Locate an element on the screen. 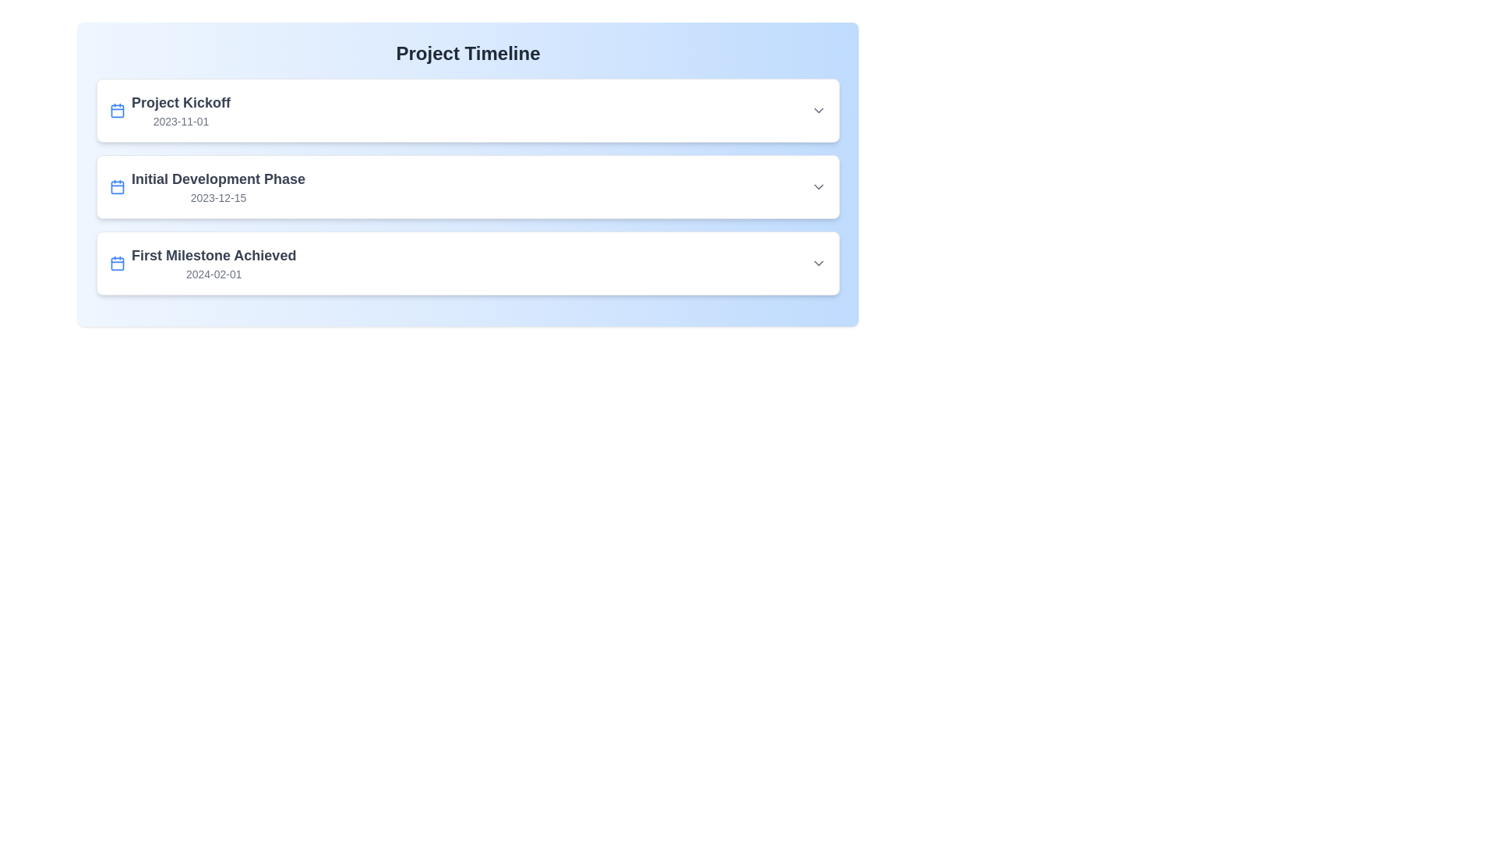  the chevron-down icon button at the far-right end of the 'Initial Development Phase' row in the 'Project Timeline' section is located at coordinates (818, 186).